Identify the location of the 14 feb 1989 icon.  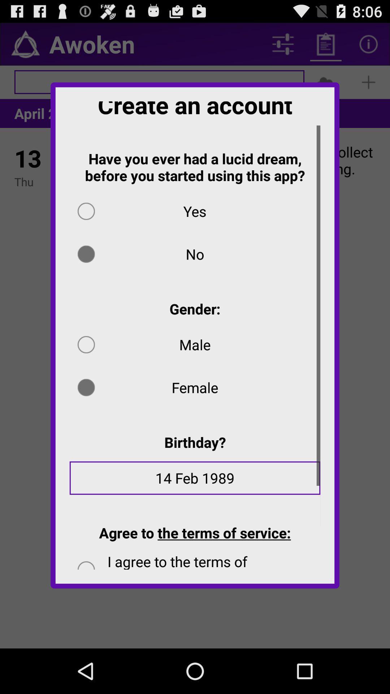
(195, 483).